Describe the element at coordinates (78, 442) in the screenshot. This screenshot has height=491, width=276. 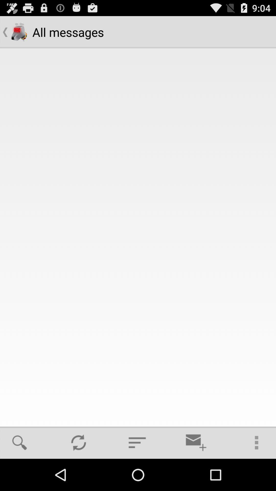
I see `the icon below the all messages` at that location.